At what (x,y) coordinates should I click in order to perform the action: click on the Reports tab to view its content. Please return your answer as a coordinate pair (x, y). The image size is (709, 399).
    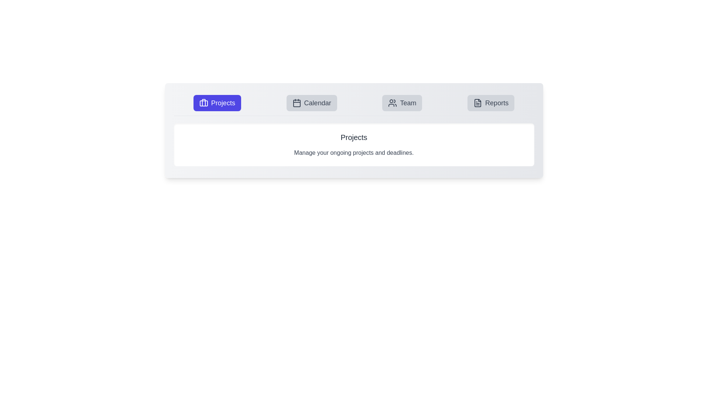
    Looking at the image, I should click on (491, 103).